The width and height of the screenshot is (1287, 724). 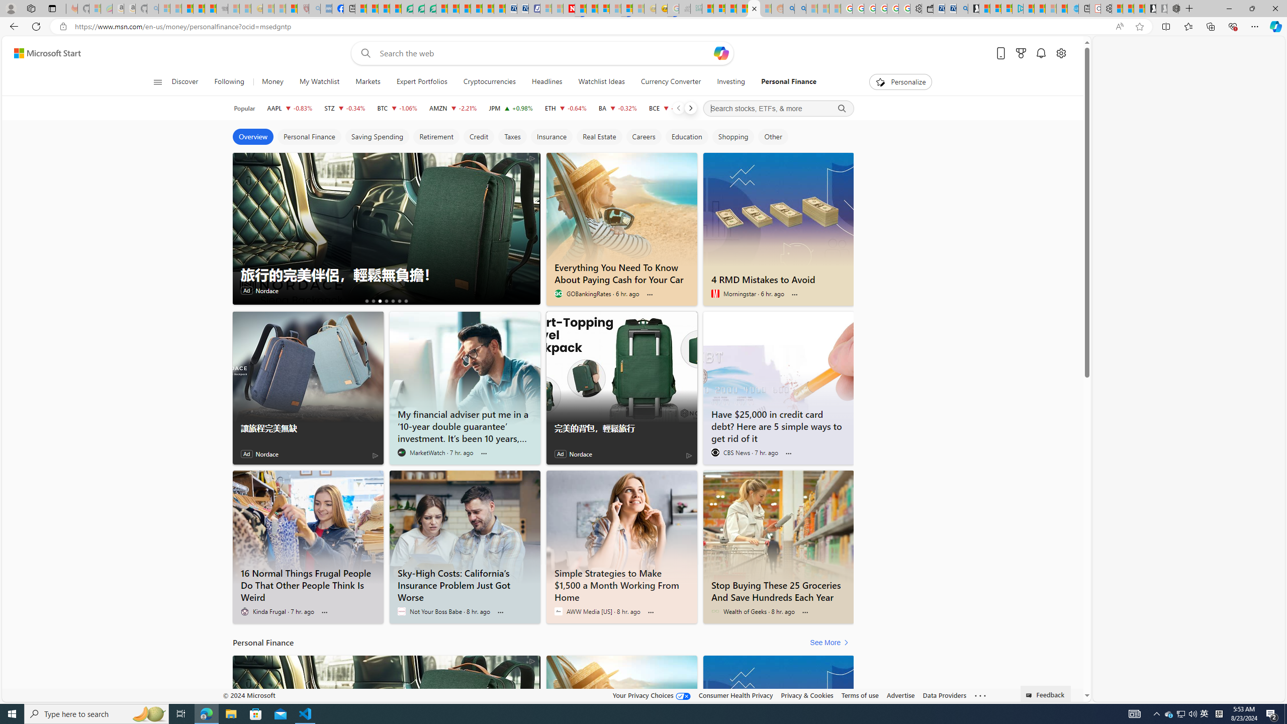 I want to click on 'Class: oneFooter_seeMore-DS-EntryPoint1-1', so click(x=979, y=695).